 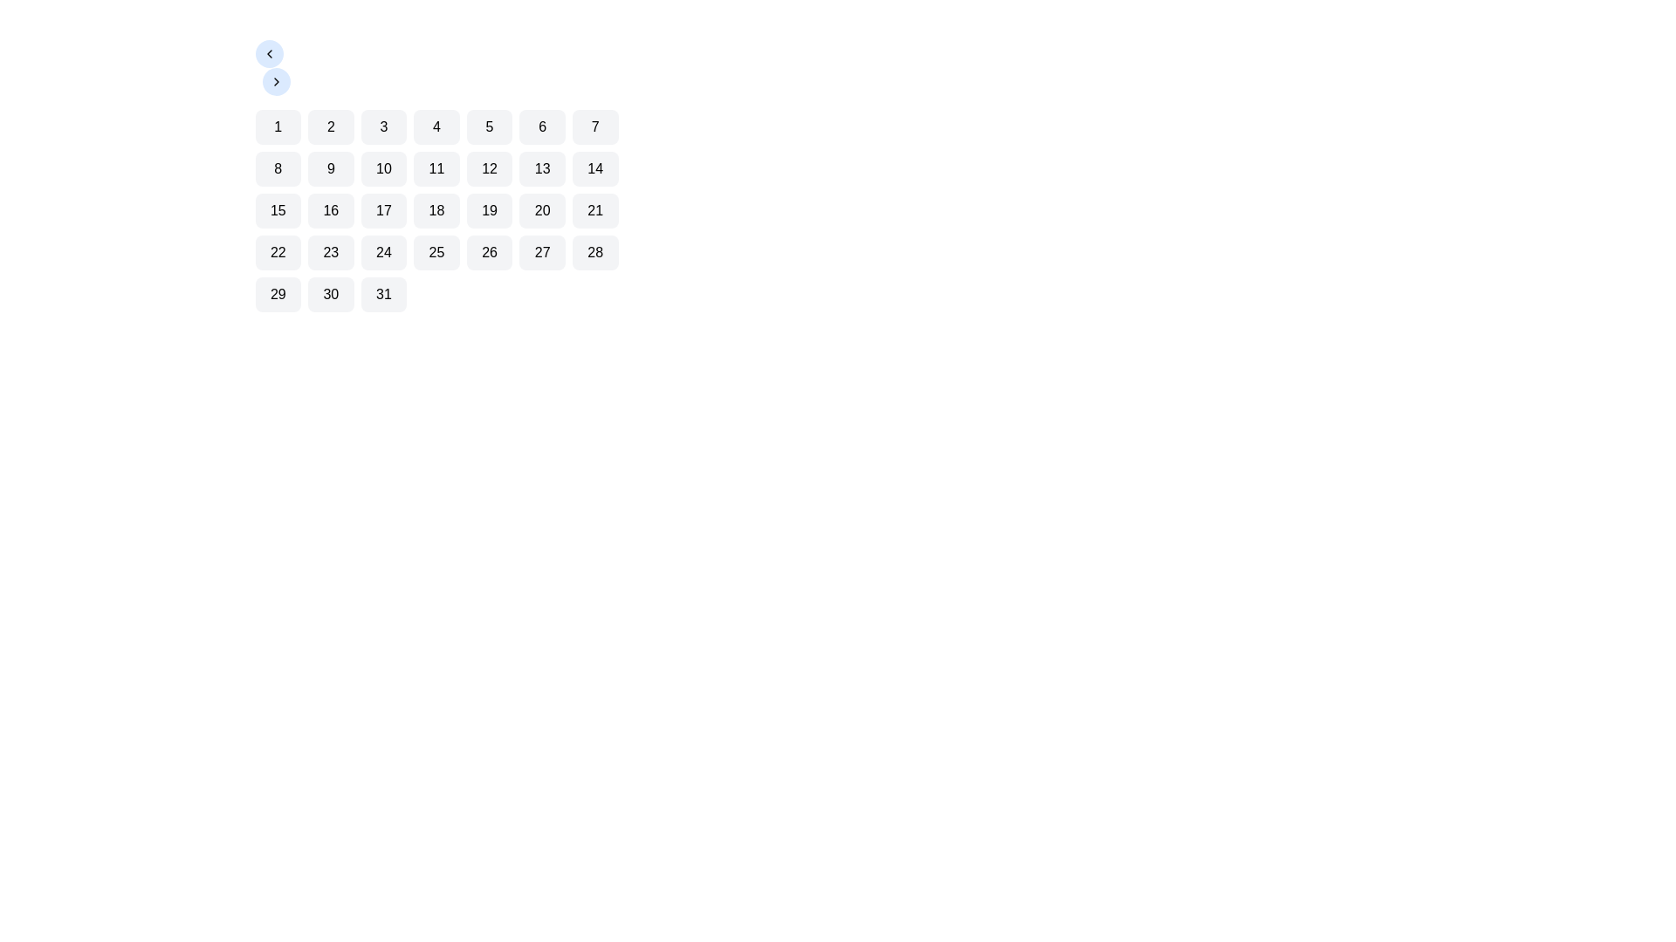 I want to click on the button displaying the number '21', which is a square-shaped element with rounded corners, located in the fourth row and seventh column of a grid, styled with a light gray background and bold black font, so click(x=595, y=210).